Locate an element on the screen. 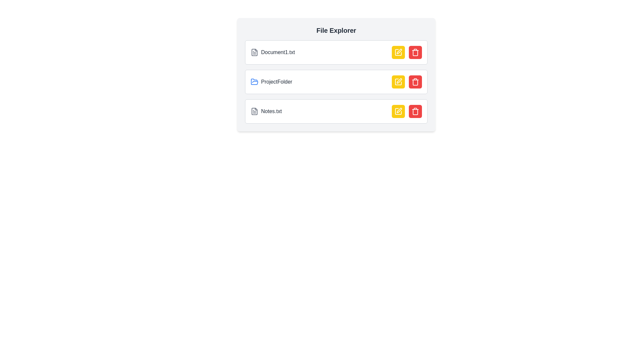  the edit button to initiate the edit action for the item 'Document1.txt', which is located to the right of its label in the first item row of the vertical list is located at coordinates (398, 52).